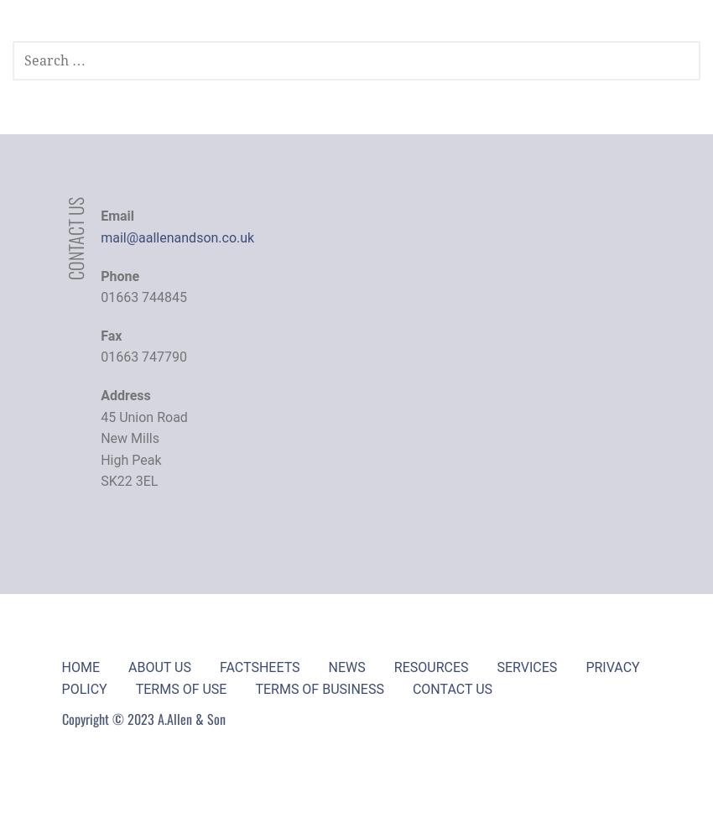  I want to click on 'Resources', so click(429, 666).